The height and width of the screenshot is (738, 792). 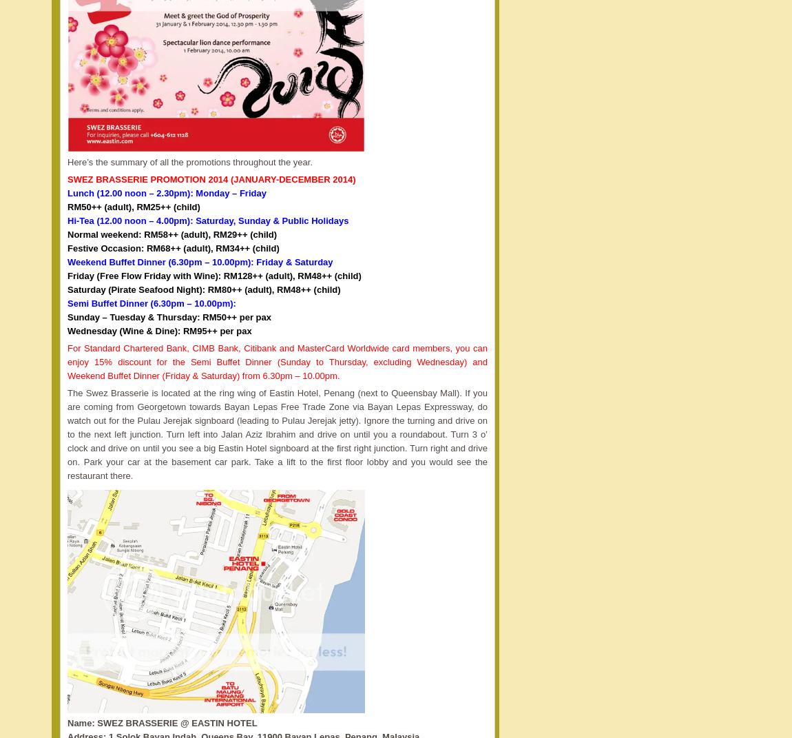 What do you see at coordinates (150, 303) in the screenshot?
I see `'Semi Buffet Dinner (6.30pm – 10.00pm):'` at bounding box center [150, 303].